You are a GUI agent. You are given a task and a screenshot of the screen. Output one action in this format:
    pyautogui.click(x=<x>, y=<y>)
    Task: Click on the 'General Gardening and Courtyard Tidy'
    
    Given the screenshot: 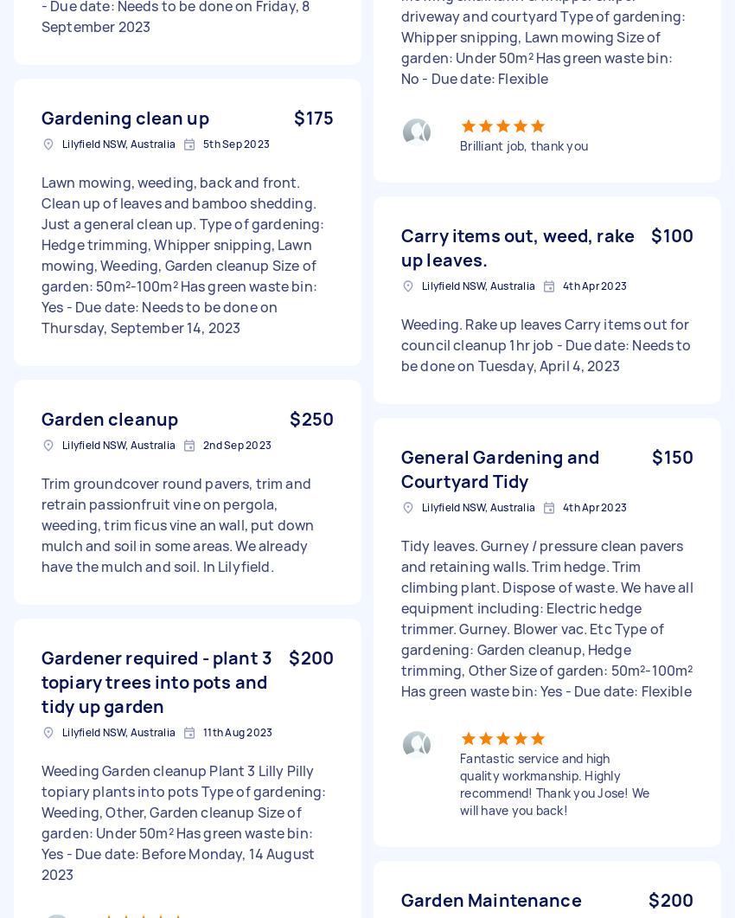 What is the action you would take?
    pyautogui.click(x=500, y=468)
    